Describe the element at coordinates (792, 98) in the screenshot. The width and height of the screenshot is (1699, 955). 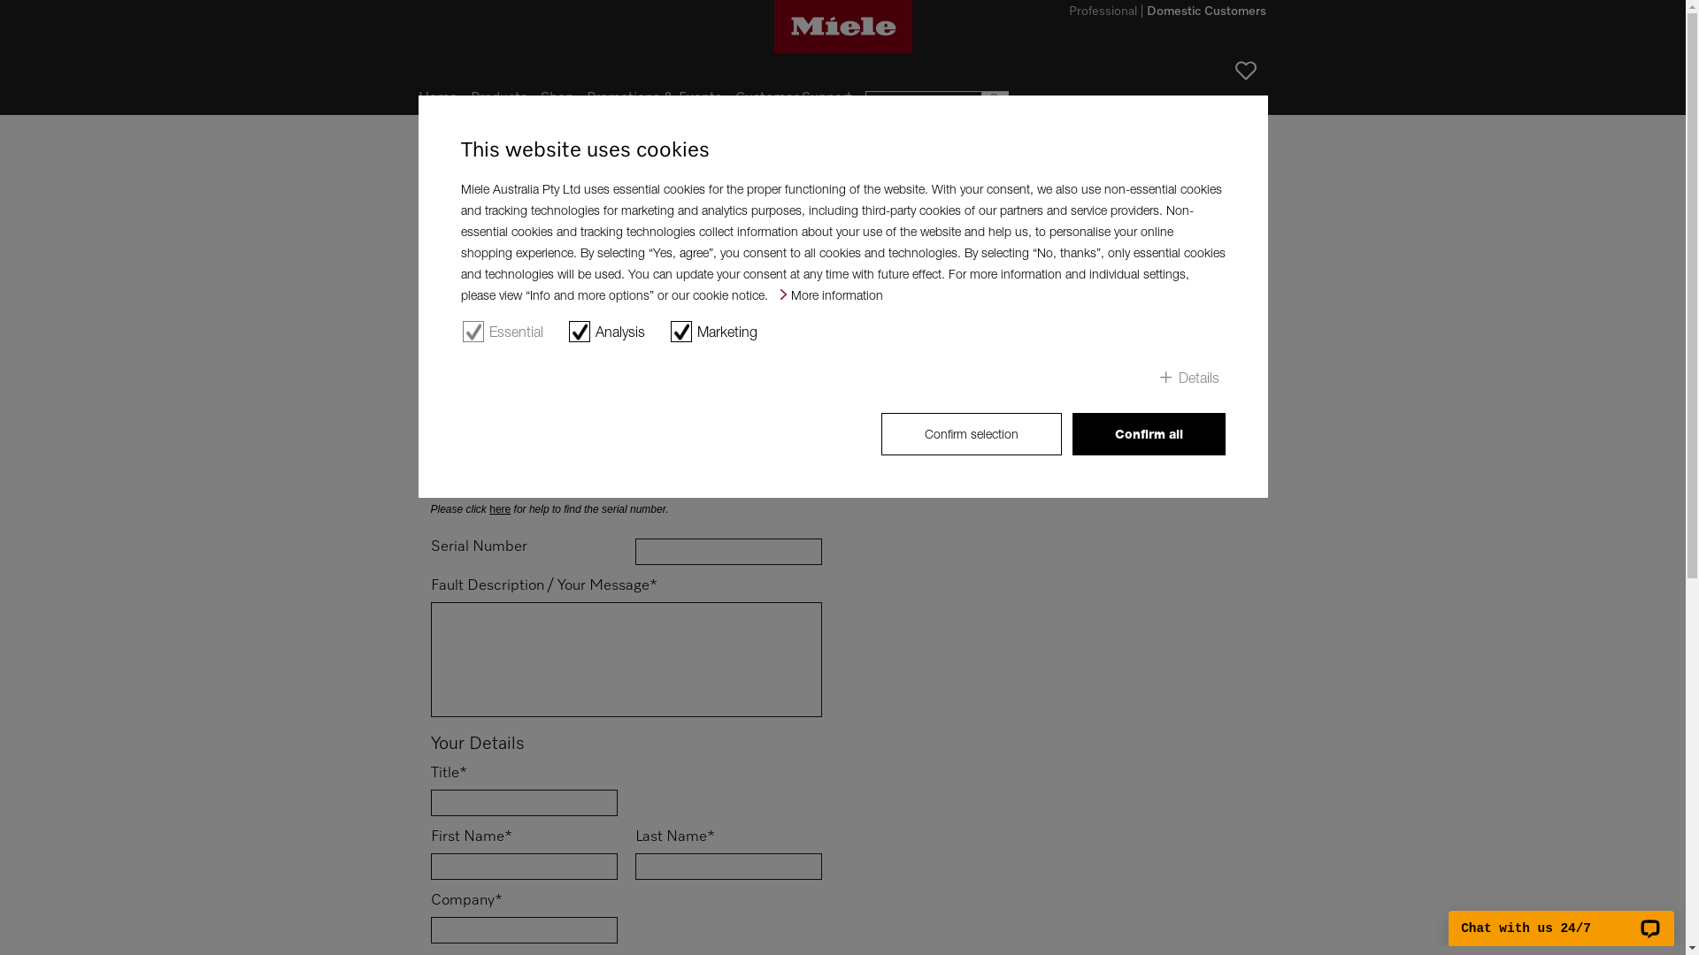
I see `'Customer Support'` at that location.